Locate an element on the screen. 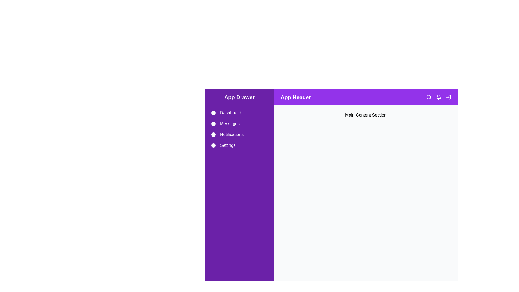  the Messages drawer item to navigate is located at coordinates (239, 124).